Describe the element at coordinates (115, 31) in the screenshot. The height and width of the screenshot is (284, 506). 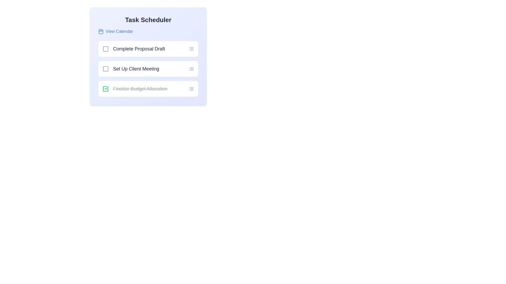
I see `the 'View Calendar' button` at that location.